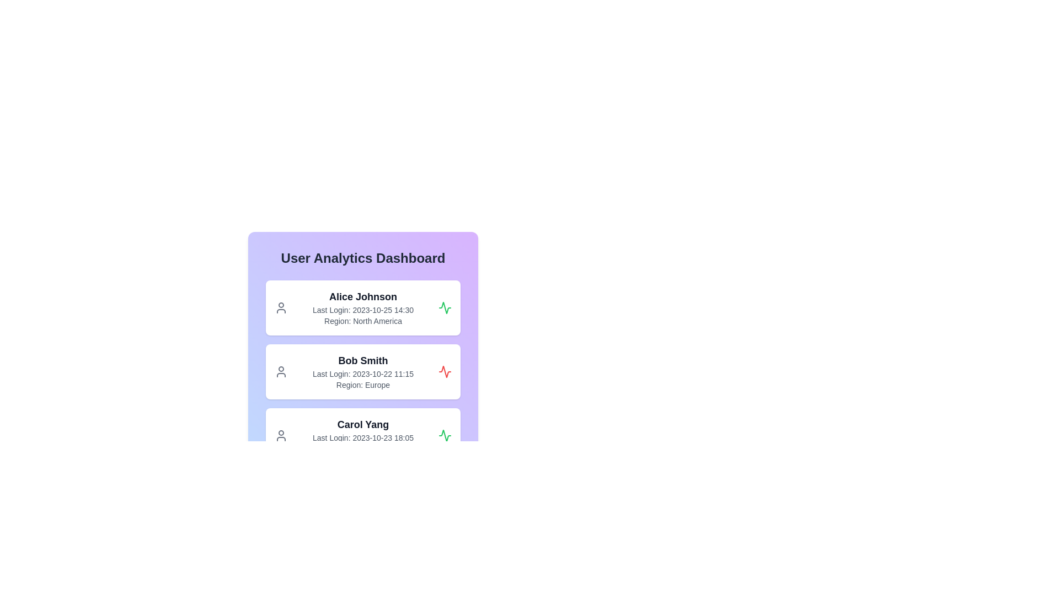 The height and width of the screenshot is (595, 1059). I want to click on the Text Label displaying the geographic region associated with user 'Bob Smith', which is located beneath the 'Last Login: 2023-10-22 11:15' text in the middle panel, so click(363, 384).